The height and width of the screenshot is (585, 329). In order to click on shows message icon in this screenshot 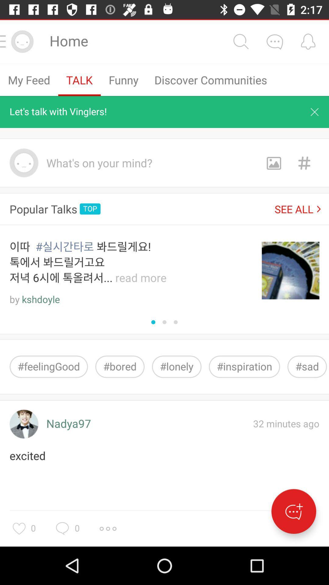, I will do `click(274, 41)`.